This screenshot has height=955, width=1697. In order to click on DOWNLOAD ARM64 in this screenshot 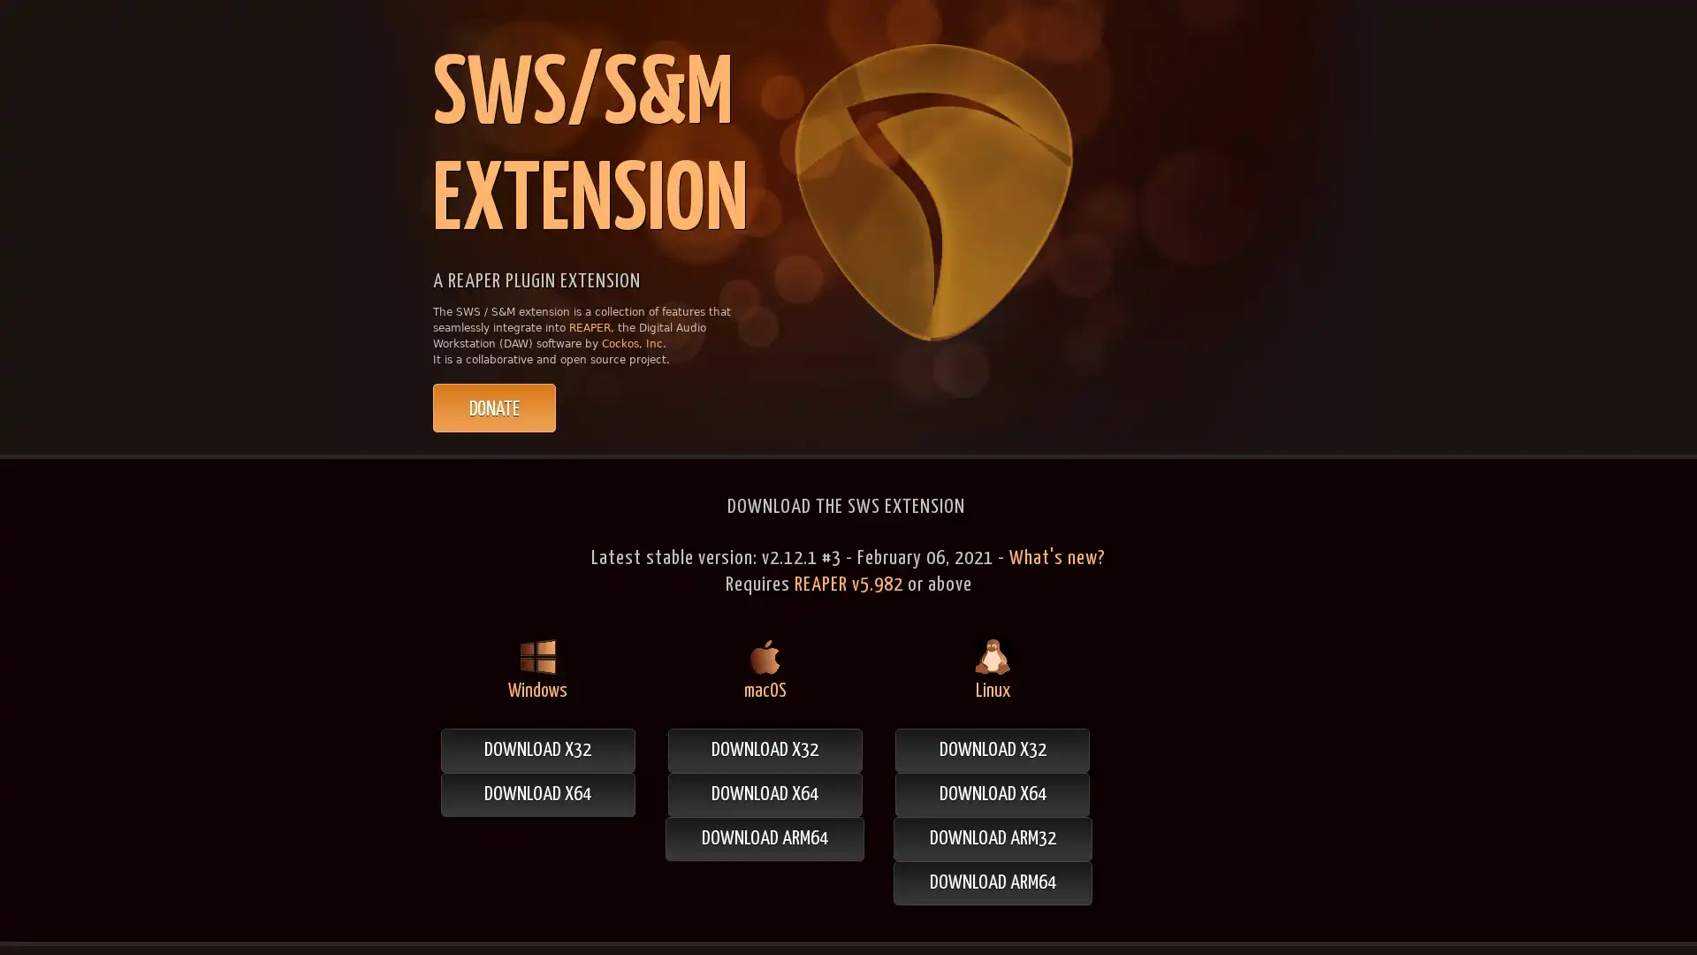, I will do `click(1130, 883)`.